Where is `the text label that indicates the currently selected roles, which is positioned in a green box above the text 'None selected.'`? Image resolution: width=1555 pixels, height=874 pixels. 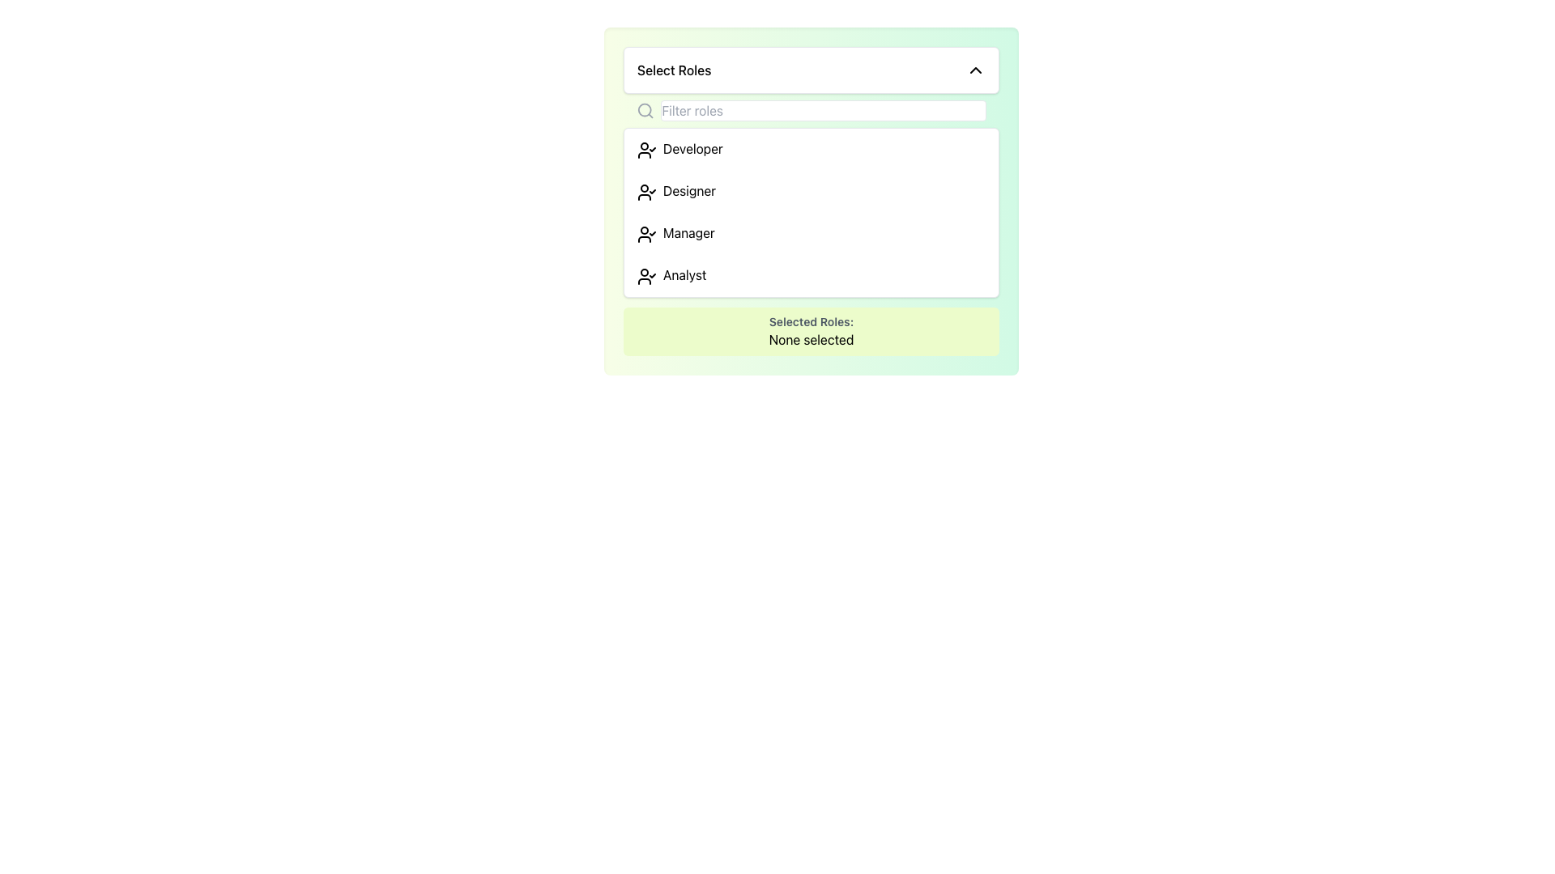 the text label that indicates the currently selected roles, which is positioned in a green box above the text 'None selected.' is located at coordinates (812, 321).